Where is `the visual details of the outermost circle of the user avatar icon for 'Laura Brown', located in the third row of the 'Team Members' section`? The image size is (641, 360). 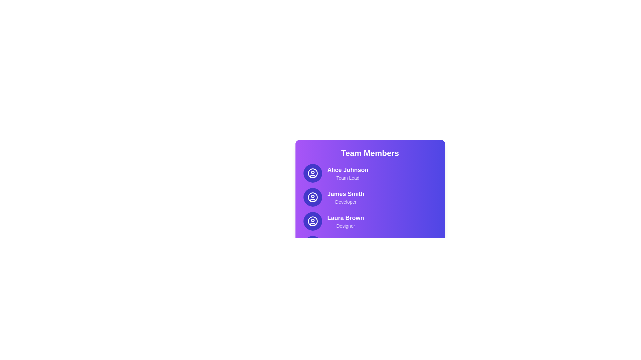 the visual details of the outermost circle of the user avatar icon for 'Laura Brown', located in the third row of the 'Team Members' section is located at coordinates (312, 221).